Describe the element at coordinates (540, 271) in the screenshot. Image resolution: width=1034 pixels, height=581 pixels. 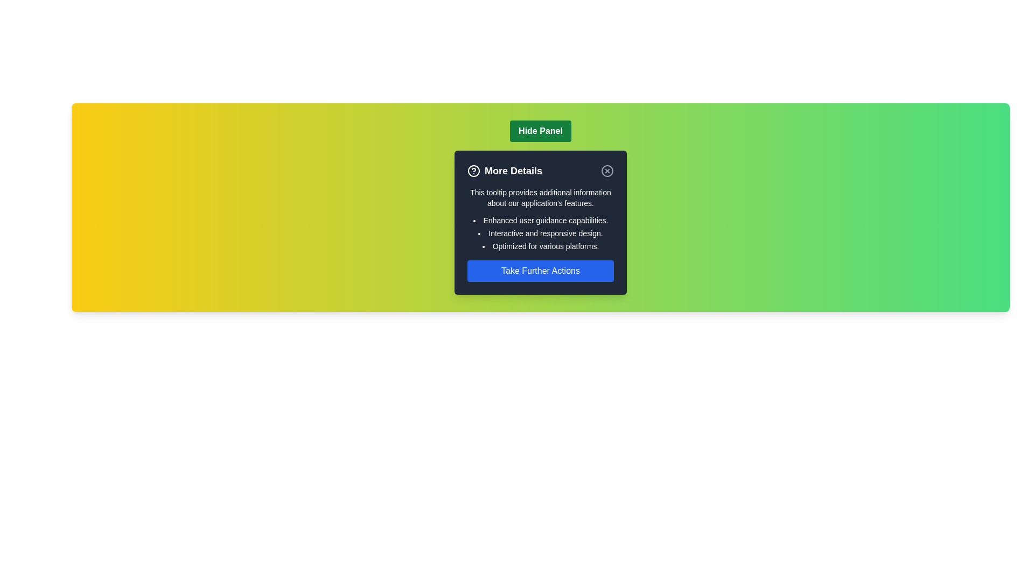
I see `the blue button with white text 'Take Further Actions' located at the bottom of the tooltip` at that location.